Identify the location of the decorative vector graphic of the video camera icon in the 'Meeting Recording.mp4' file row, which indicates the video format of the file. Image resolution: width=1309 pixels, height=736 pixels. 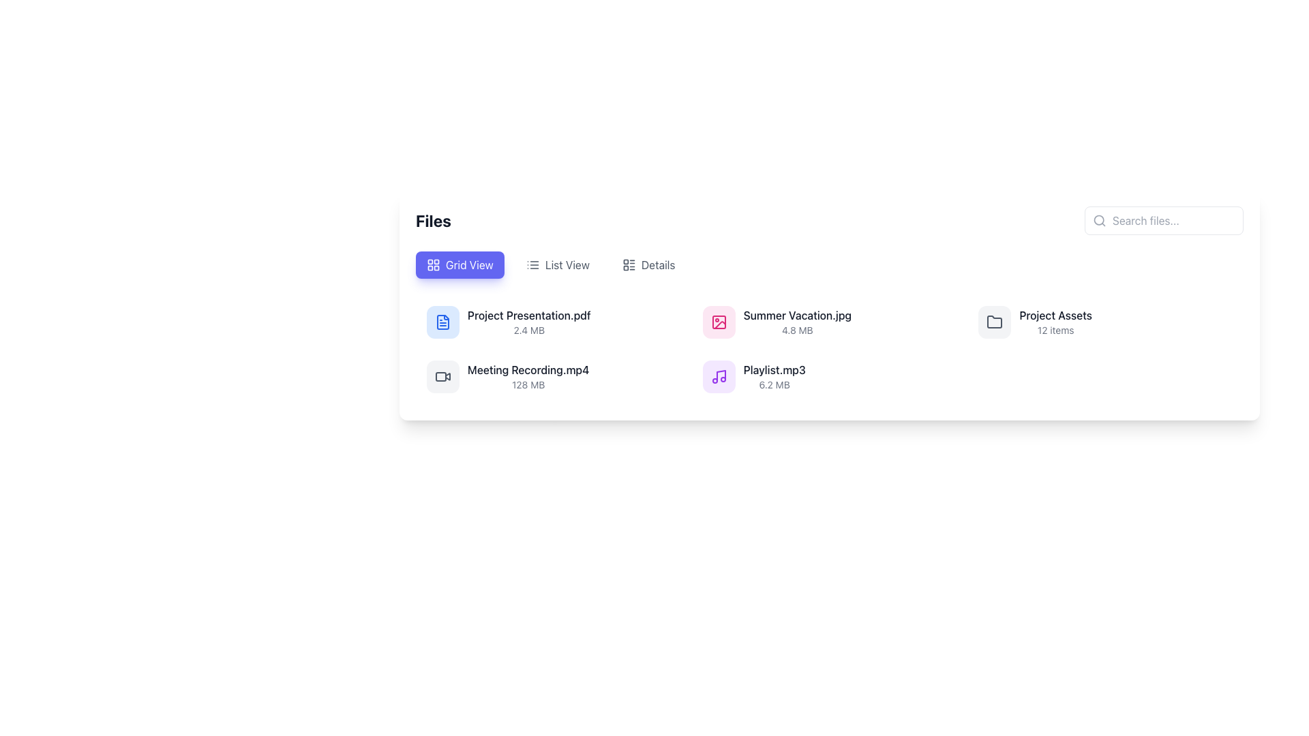
(448, 375).